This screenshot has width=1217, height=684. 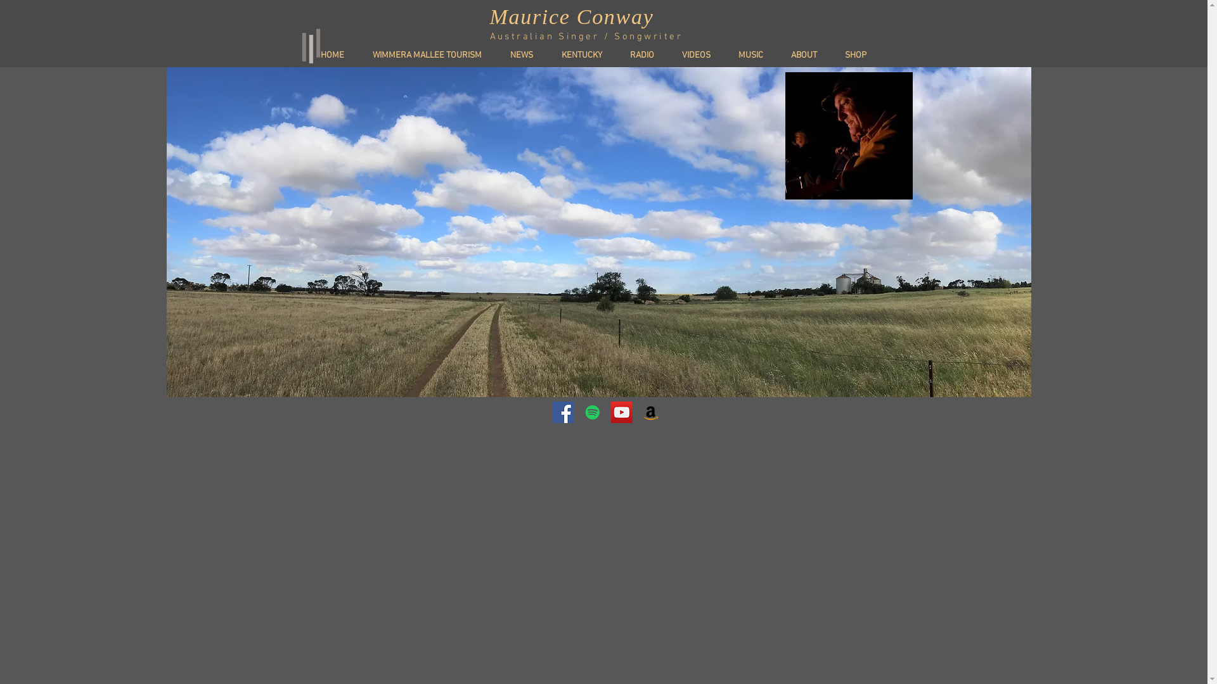 I want to click on 'Maurice Conway', so click(x=570, y=16).